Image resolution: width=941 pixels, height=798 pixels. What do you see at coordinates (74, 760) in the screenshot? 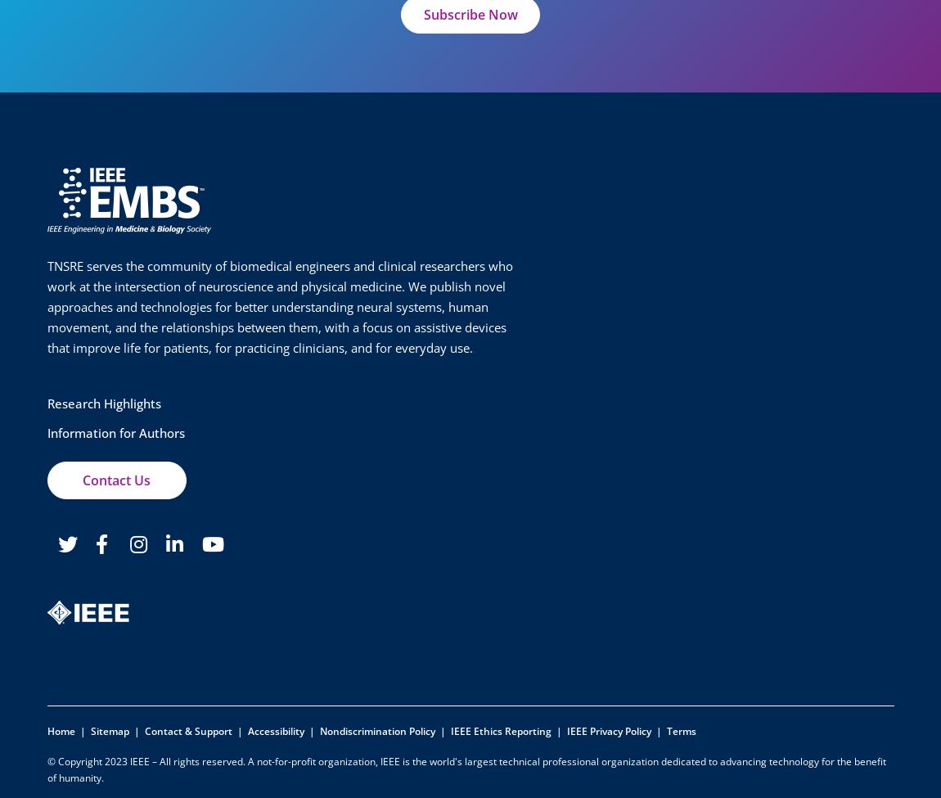
I see `'© Copyright'` at bounding box center [74, 760].